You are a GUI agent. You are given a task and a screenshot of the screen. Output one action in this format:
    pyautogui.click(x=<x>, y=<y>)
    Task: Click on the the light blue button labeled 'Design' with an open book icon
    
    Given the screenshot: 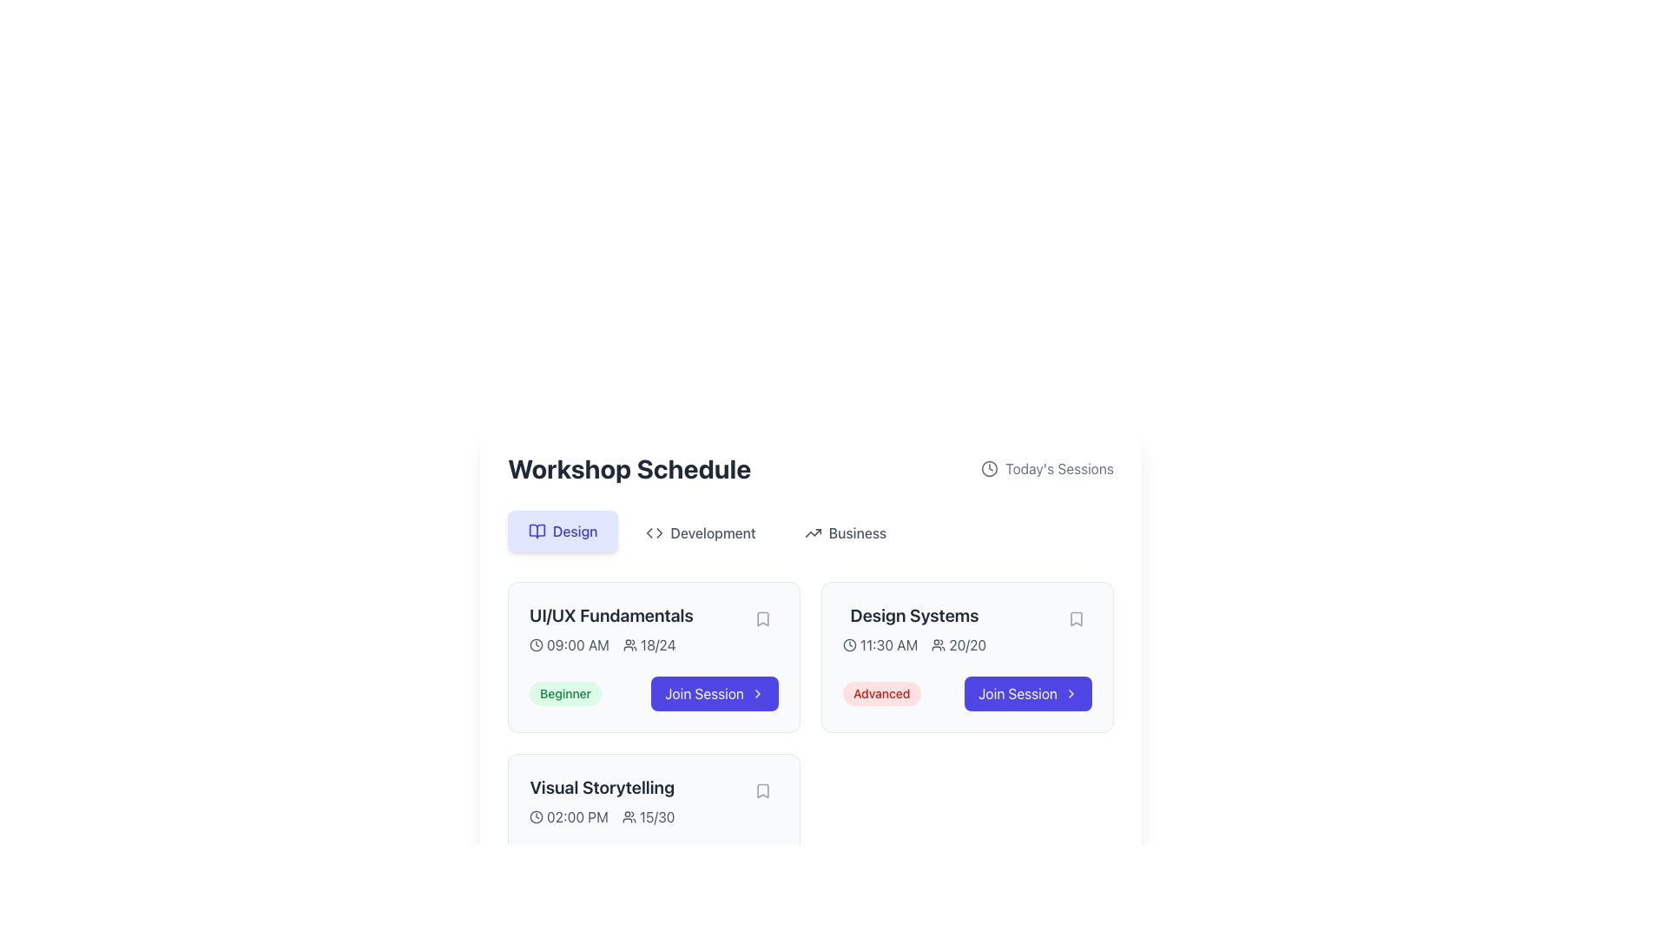 What is the action you would take?
    pyautogui.click(x=563, y=531)
    